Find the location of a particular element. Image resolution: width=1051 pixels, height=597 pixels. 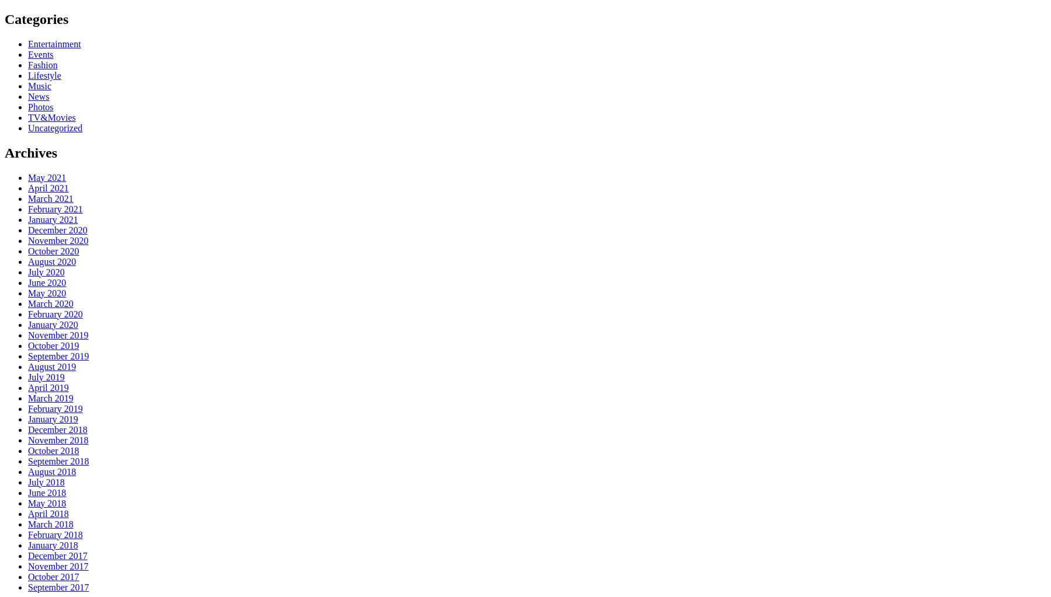

'Photos' is located at coordinates (40, 106).